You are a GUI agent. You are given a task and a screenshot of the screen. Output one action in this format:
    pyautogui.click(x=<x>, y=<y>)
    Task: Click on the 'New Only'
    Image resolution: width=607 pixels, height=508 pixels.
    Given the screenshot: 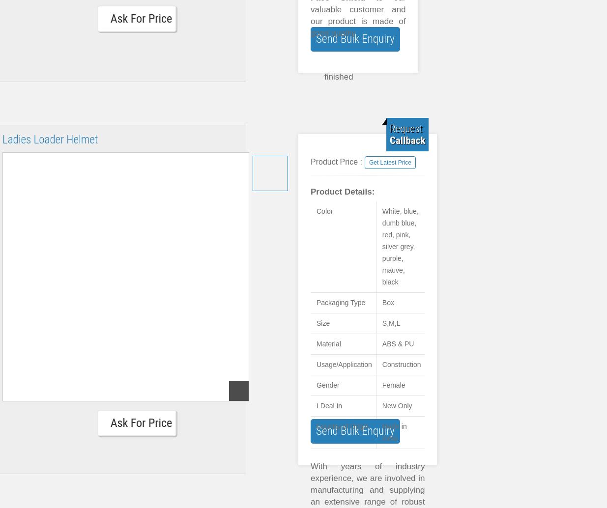 What is the action you would take?
    pyautogui.click(x=397, y=405)
    